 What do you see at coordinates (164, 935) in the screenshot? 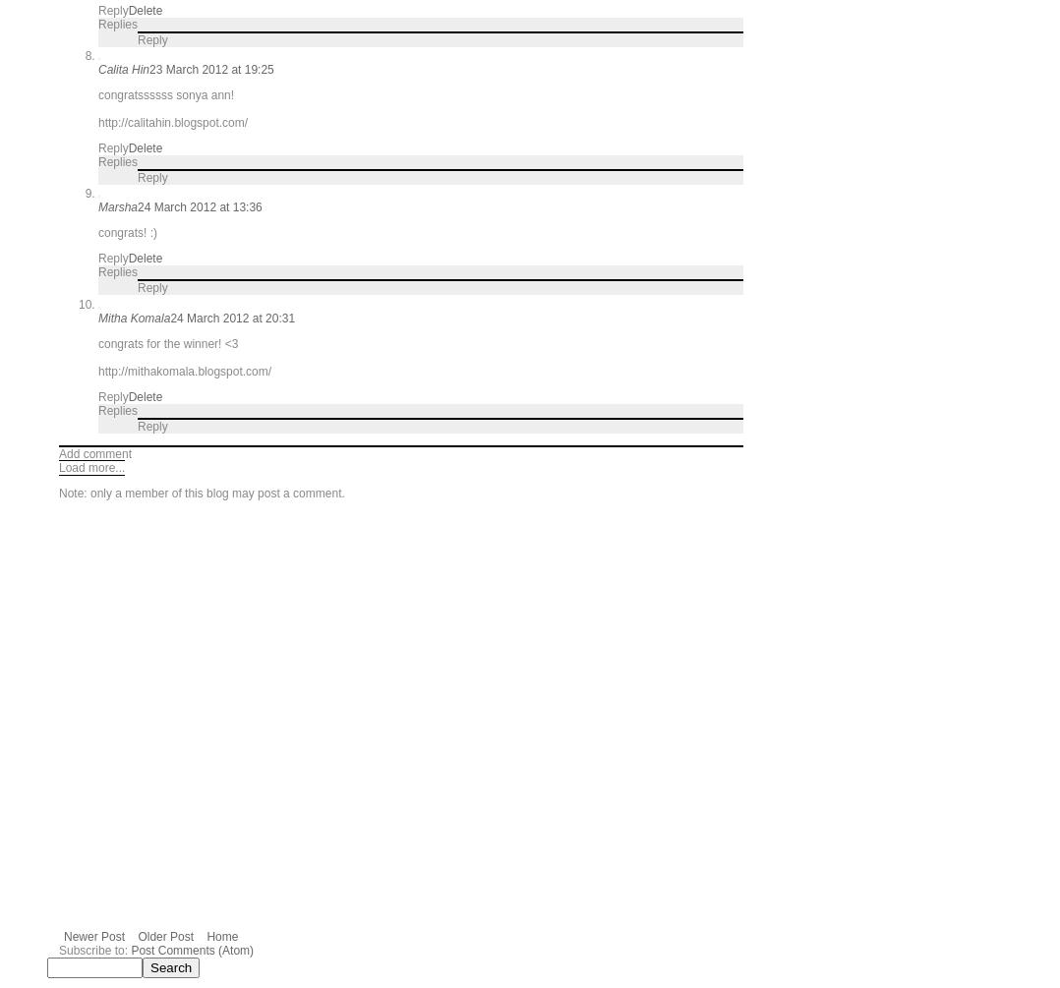
I see `'Older Post'` at bounding box center [164, 935].